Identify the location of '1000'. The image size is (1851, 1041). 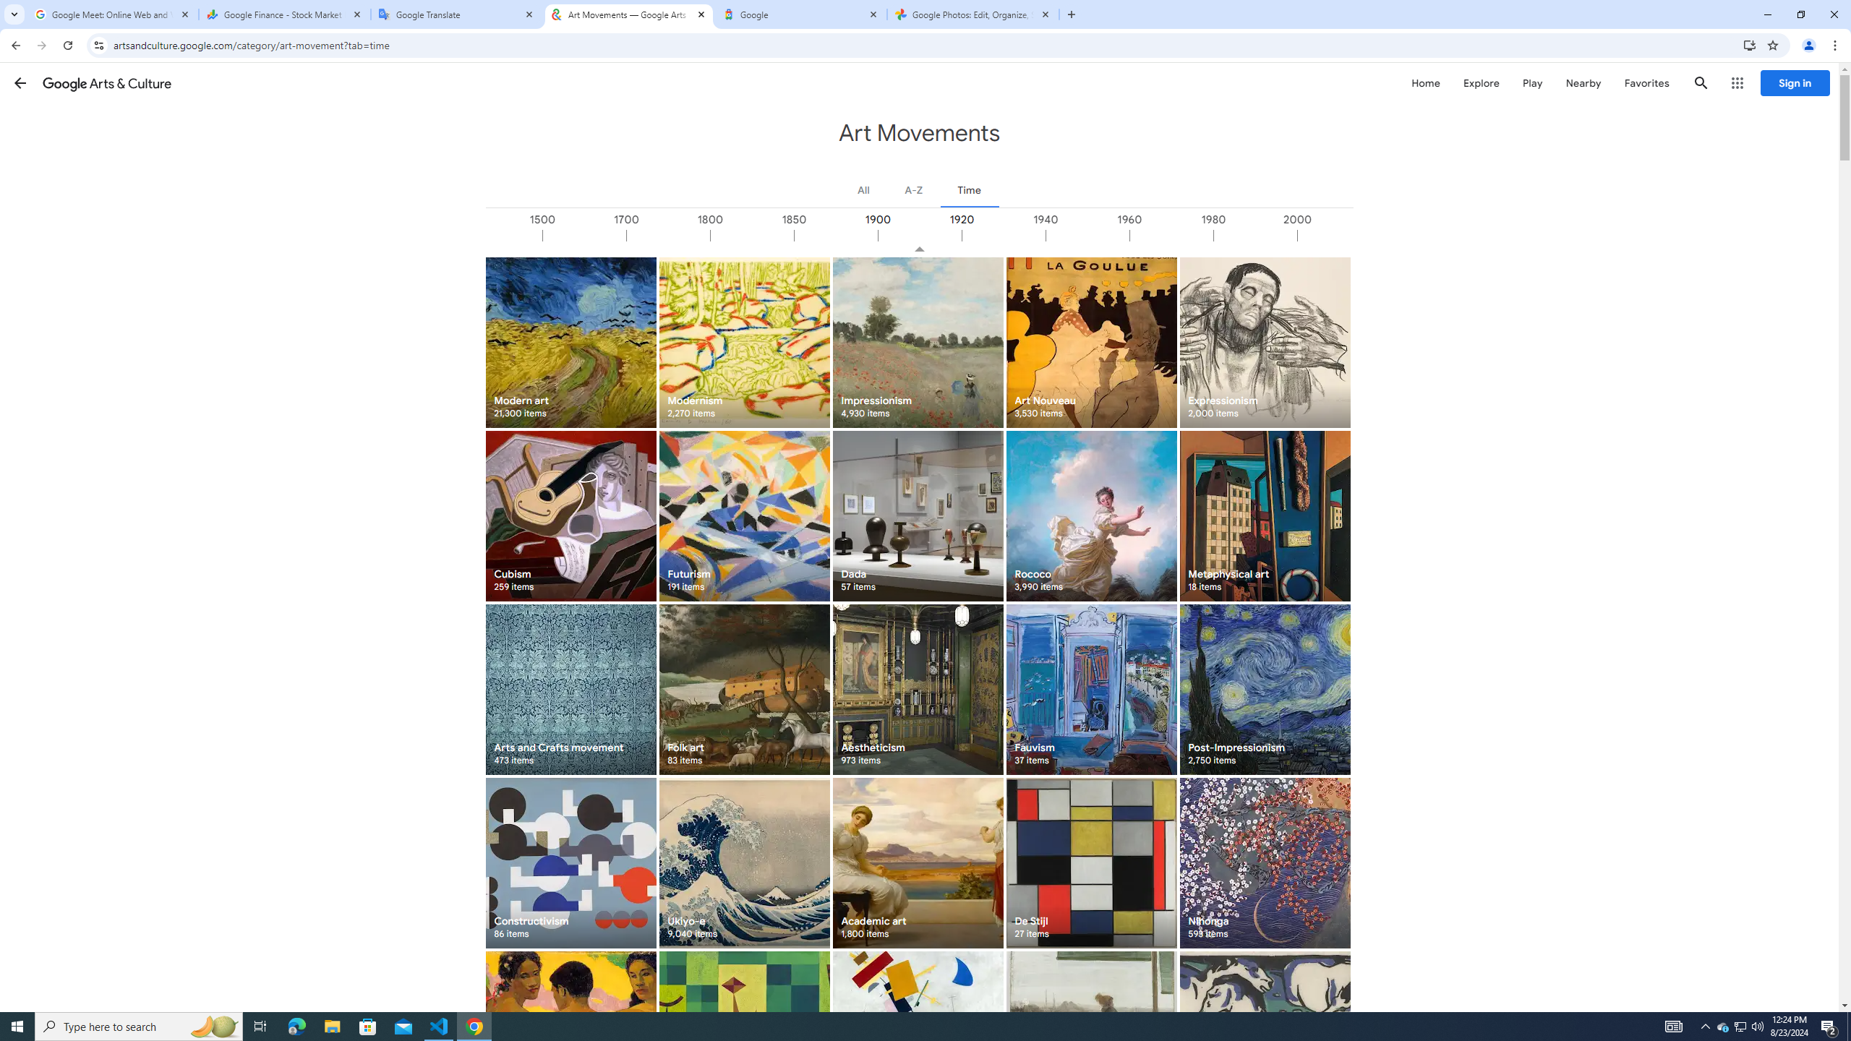
(499, 235).